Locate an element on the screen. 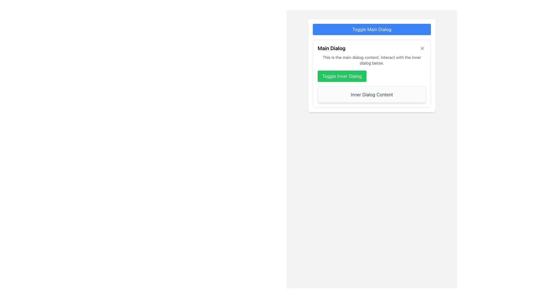  the close icon button styled as an 'X' located in the top-right corner of the card-like dialog interface, next to the 'Main Dialog' title is located at coordinates (422, 48).